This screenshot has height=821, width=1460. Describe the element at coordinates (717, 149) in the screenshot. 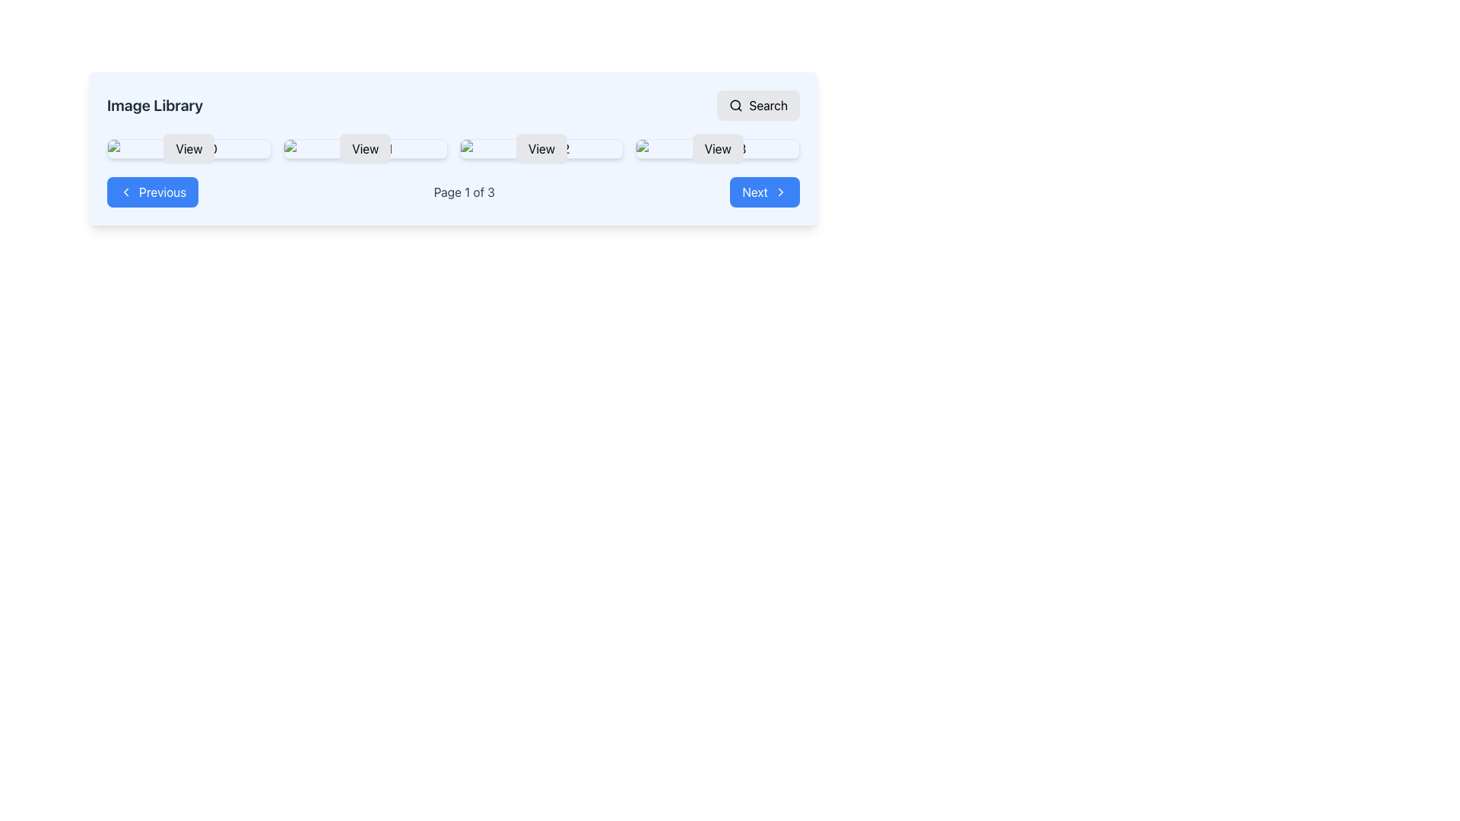

I see `the fourth 'View' button from the left, which is part of a horizontal layout of buttons` at that location.